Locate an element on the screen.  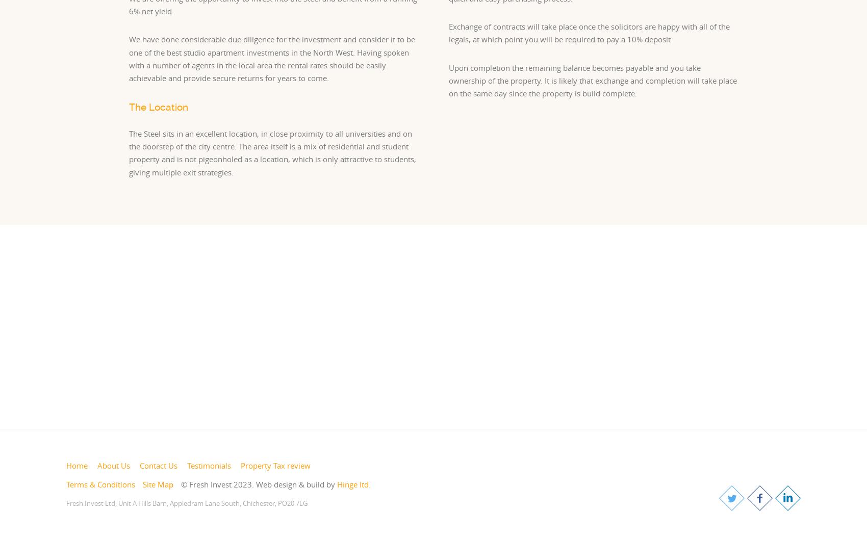
'The Location' is located at coordinates (158, 106).